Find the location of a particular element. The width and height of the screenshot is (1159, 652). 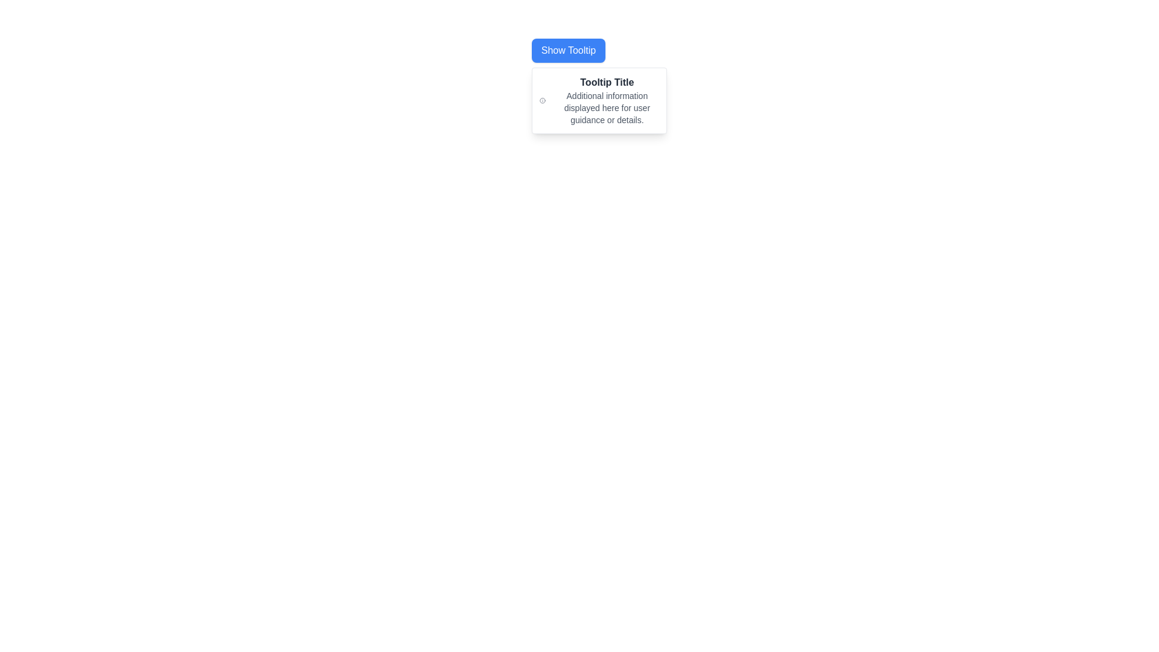

information displayed in the tooltip that appears below the 'Show Tooltip' button is located at coordinates (599, 100).